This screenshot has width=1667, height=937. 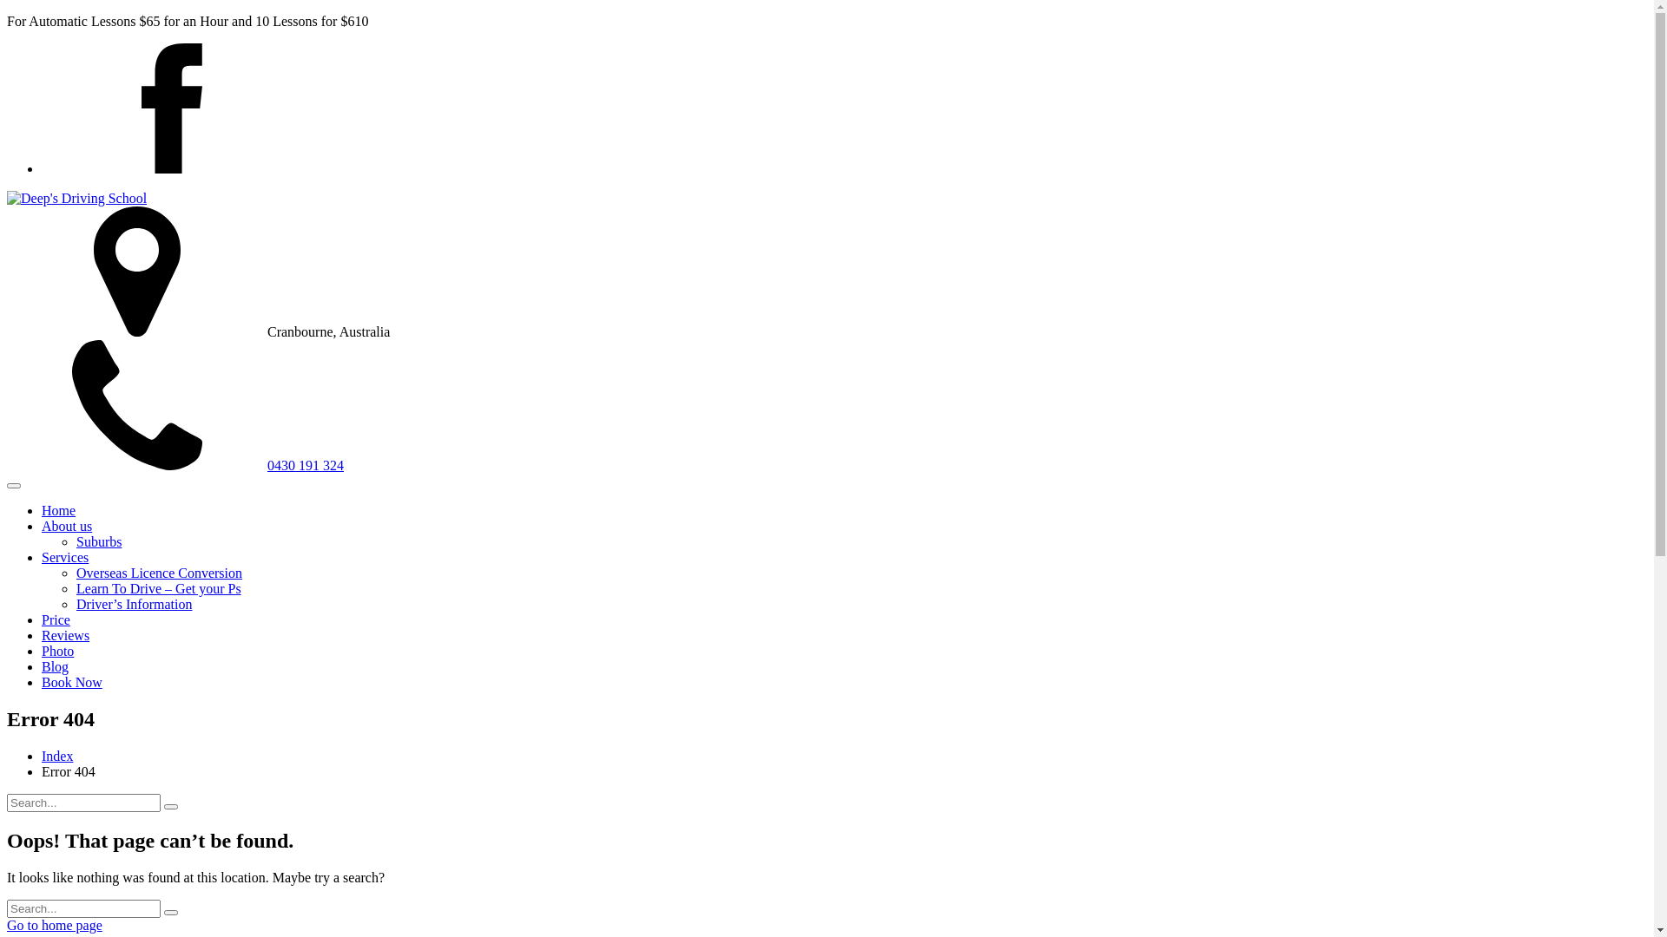 I want to click on 'Book Now', so click(x=70, y=681).